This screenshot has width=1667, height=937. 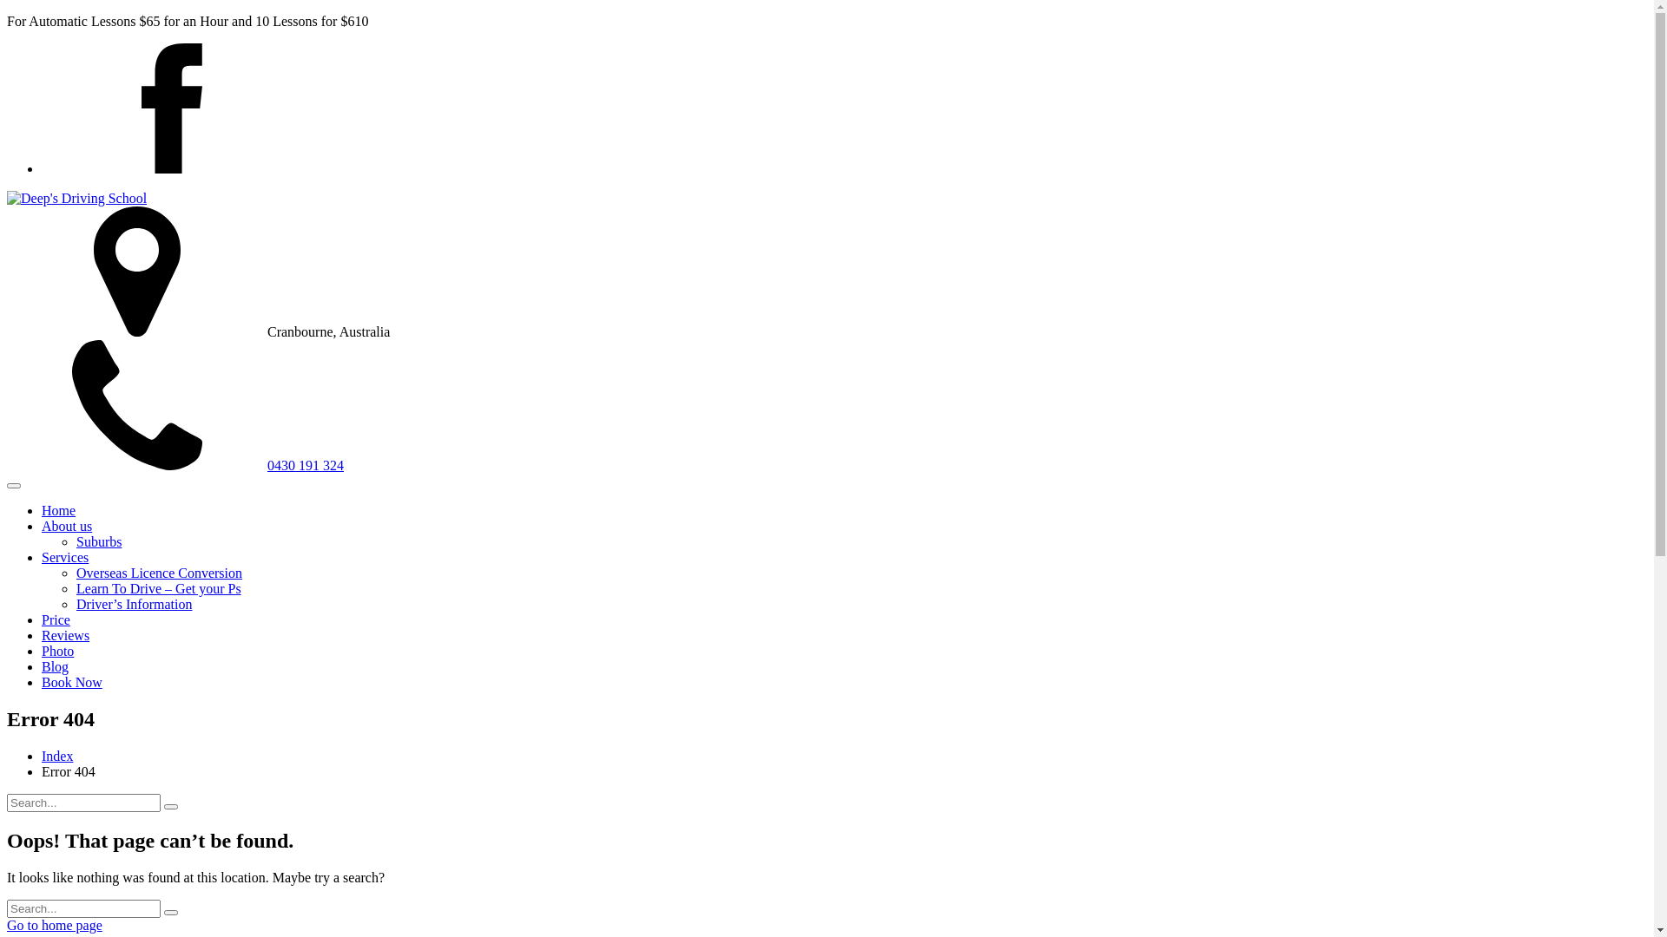 I want to click on 'Book Now', so click(x=70, y=681).